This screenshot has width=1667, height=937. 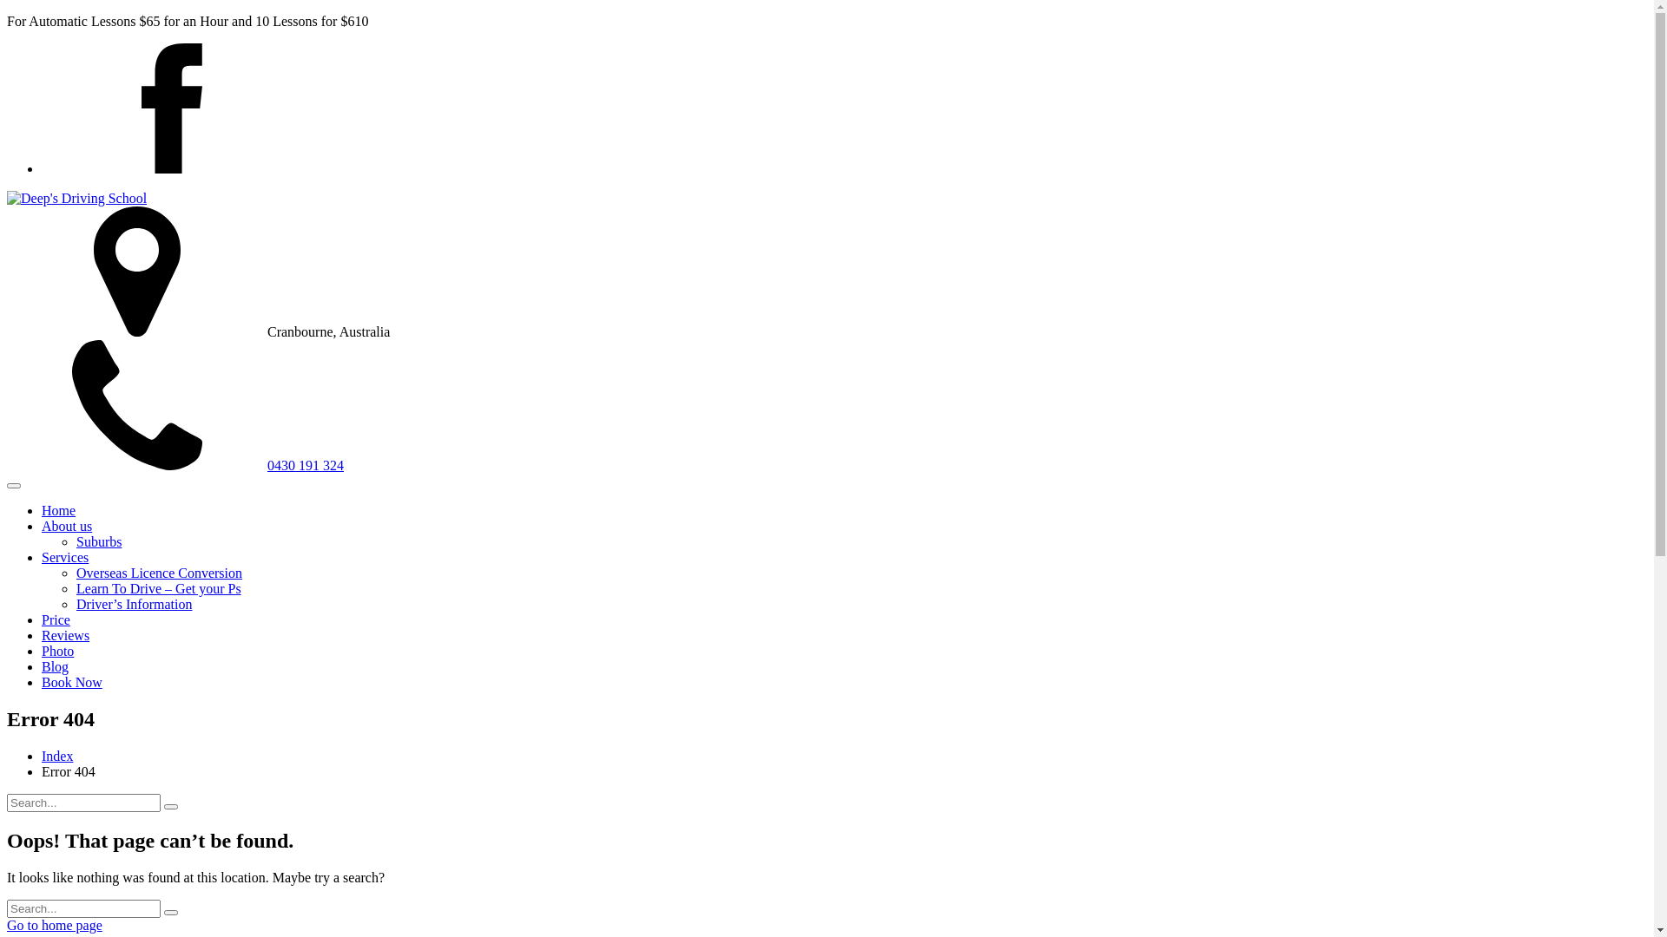 I want to click on 'Book Now', so click(x=70, y=681).